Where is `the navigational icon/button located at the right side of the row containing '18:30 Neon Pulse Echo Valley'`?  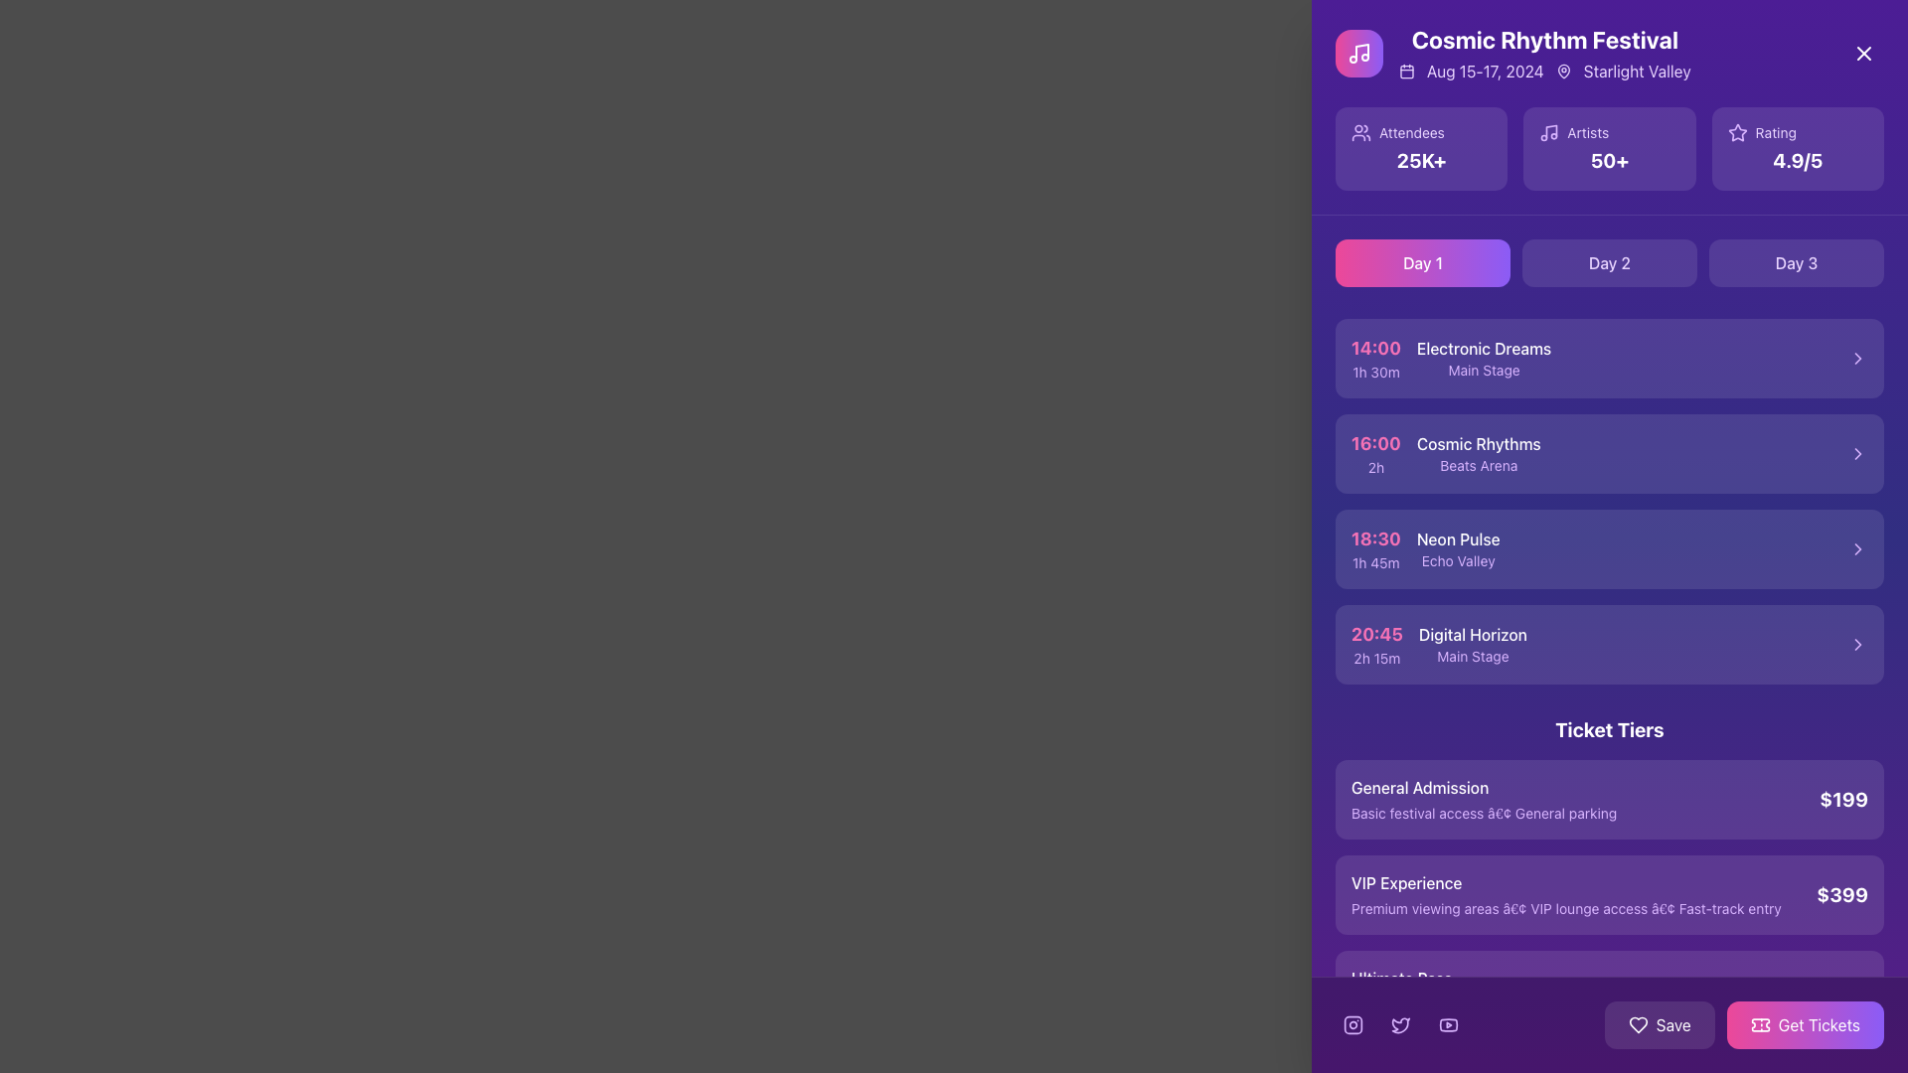
the navigational icon/button located at the right side of the row containing '18:30 Neon Pulse Echo Valley' is located at coordinates (1857, 548).